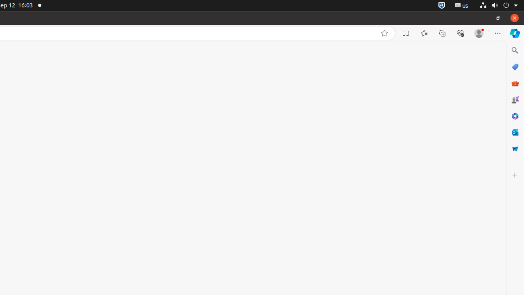  What do you see at coordinates (497, 33) in the screenshot?
I see `'Settings and more (Alt+F)'` at bounding box center [497, 33].